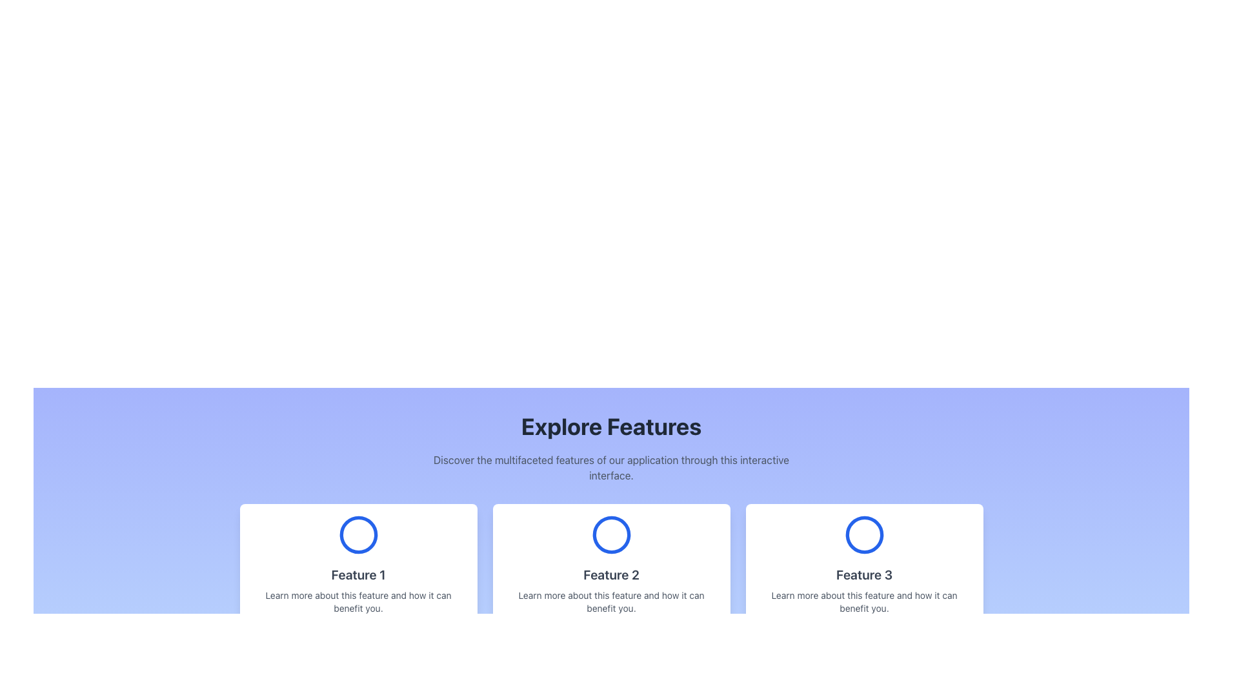 The height and width of the screenshot is (697, 1239). What do you see at coordinates (610, 574) in the screenshot?
I see `the centered text label displaying 'Feature 2', which is styled in bold, large gray font, for potential interaction` at bounding box center [610, 574].